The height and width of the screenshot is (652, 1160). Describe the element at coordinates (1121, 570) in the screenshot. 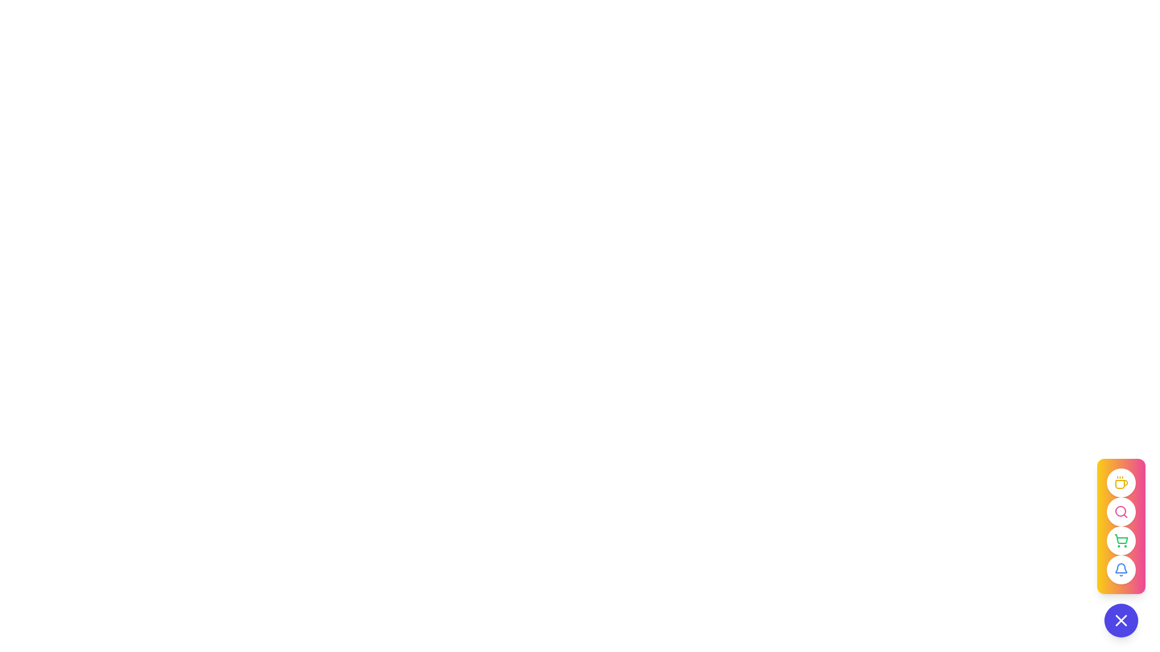

I see `the bell button located at the bottom of the vertical stack on the right side of the application interface` at that location.